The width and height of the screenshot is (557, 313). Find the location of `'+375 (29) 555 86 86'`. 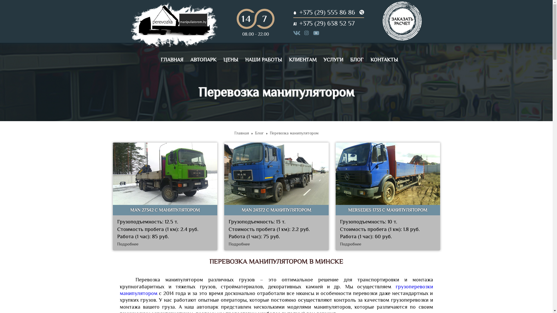

'+375 (29) 555 86 86' is located at coordinates (327, 12).